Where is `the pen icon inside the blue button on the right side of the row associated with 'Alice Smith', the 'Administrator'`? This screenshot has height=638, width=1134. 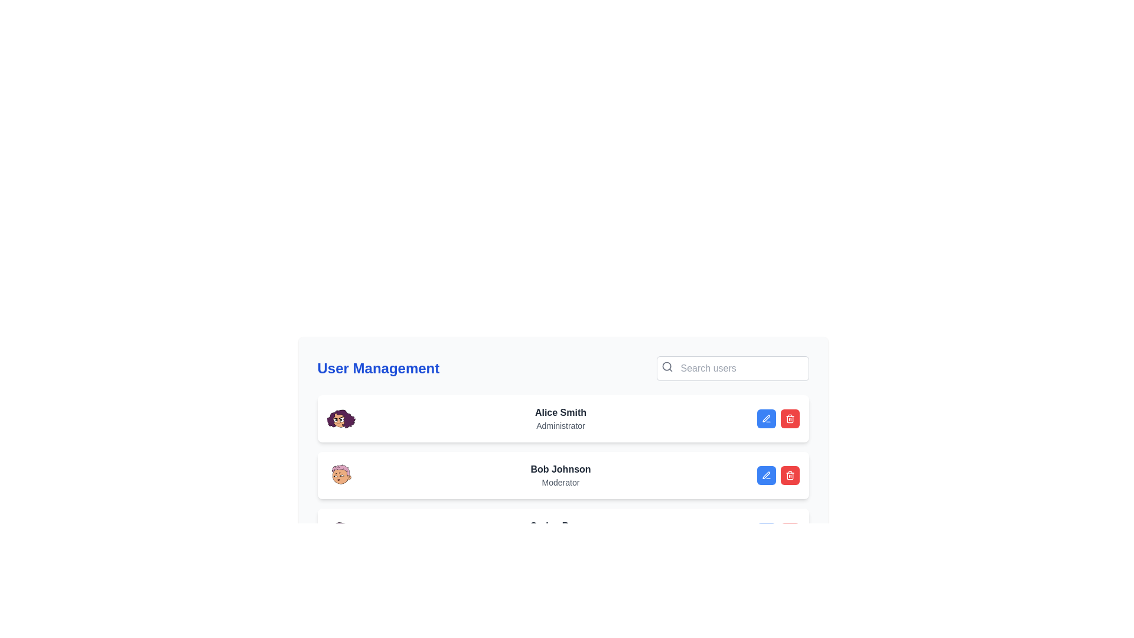 the pen icon inside the blue button on the right side of the row associated with 'Alice Smith', the 'Administrator' is located at coordinates (766, 418).